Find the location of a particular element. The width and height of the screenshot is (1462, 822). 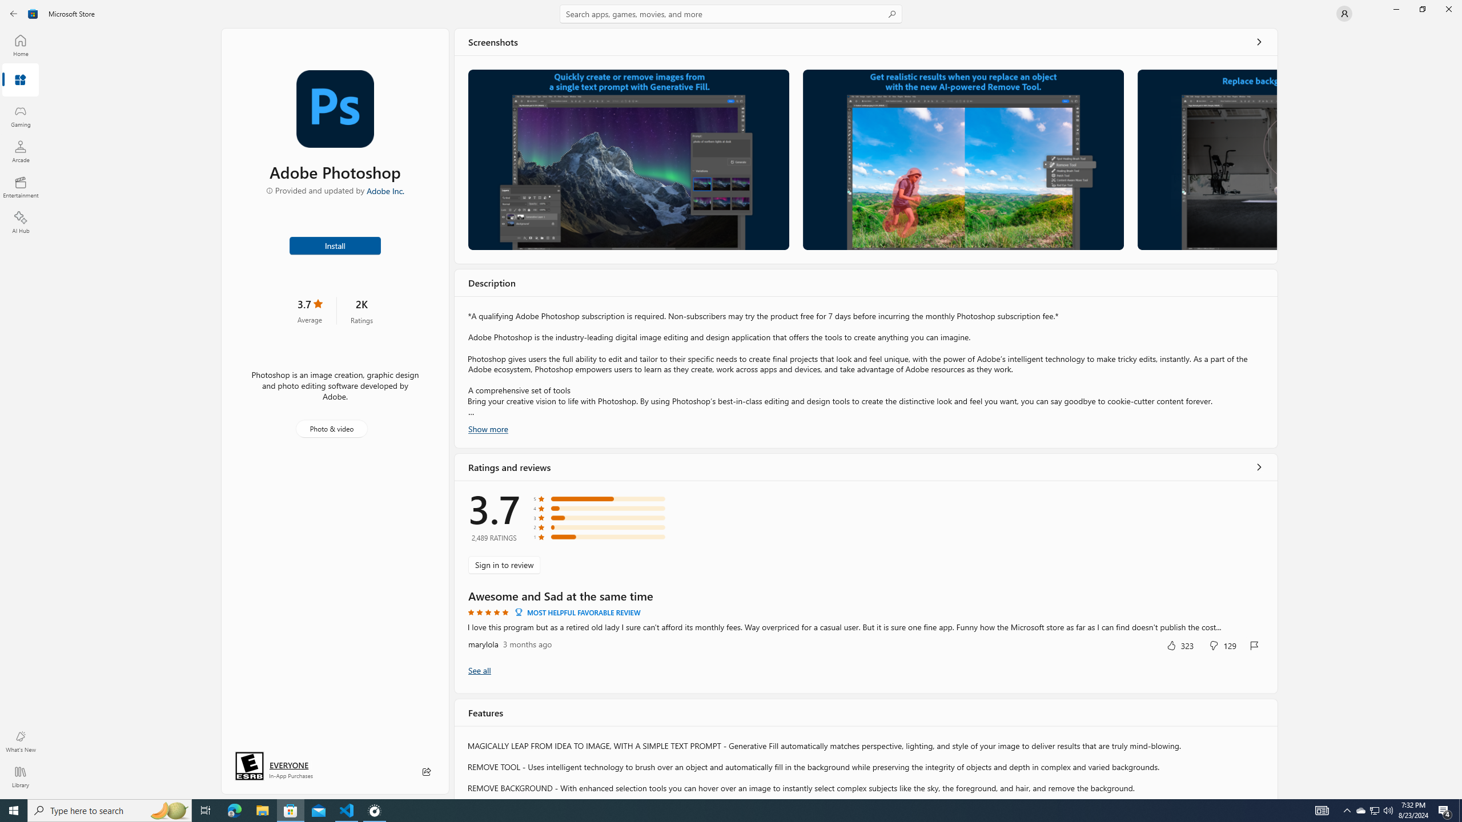

'Screenshot 2' is located at coordinates (963, 159).